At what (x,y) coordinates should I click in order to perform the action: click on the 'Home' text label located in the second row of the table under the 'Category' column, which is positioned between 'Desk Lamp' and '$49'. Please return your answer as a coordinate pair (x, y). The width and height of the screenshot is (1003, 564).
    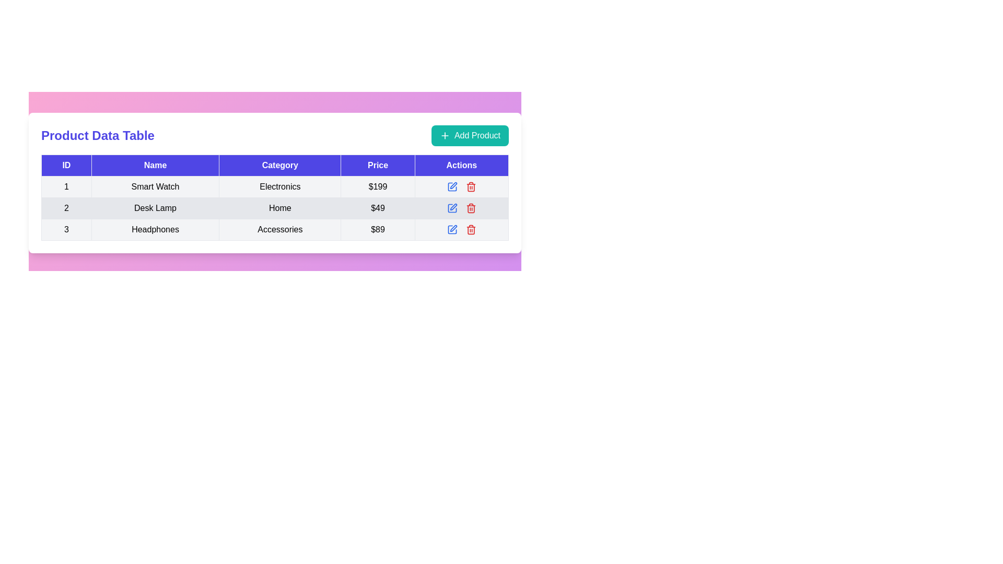
    Looking at the image, I should click on (280, 208).